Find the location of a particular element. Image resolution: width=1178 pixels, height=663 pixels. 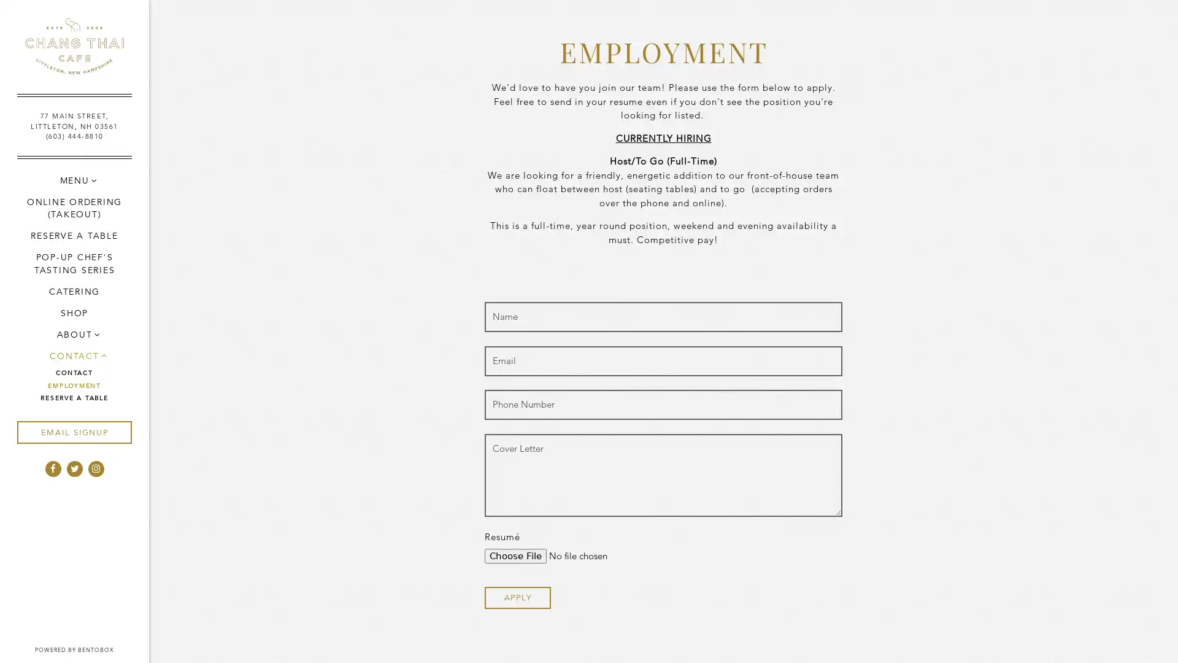

MENU is located at coordinates (73, 180).